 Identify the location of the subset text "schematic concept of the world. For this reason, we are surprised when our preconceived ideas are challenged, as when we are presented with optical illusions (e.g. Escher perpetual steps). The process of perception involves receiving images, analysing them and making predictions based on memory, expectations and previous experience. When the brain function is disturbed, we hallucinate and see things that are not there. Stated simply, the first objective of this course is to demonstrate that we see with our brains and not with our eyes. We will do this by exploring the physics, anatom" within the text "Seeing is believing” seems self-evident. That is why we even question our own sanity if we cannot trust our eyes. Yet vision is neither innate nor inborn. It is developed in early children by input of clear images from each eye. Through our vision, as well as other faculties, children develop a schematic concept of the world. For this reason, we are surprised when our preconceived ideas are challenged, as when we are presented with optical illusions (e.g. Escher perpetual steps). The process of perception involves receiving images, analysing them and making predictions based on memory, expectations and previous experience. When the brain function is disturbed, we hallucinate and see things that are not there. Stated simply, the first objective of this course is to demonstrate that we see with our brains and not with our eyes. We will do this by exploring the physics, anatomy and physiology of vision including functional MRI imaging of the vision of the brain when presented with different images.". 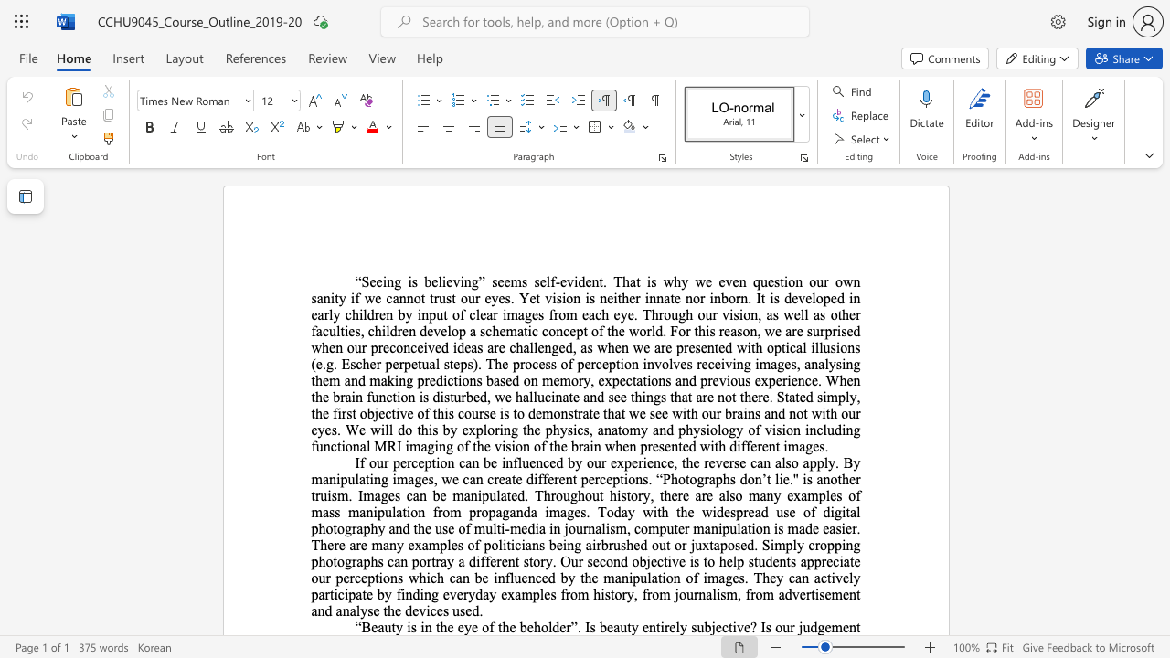
(480, 331).